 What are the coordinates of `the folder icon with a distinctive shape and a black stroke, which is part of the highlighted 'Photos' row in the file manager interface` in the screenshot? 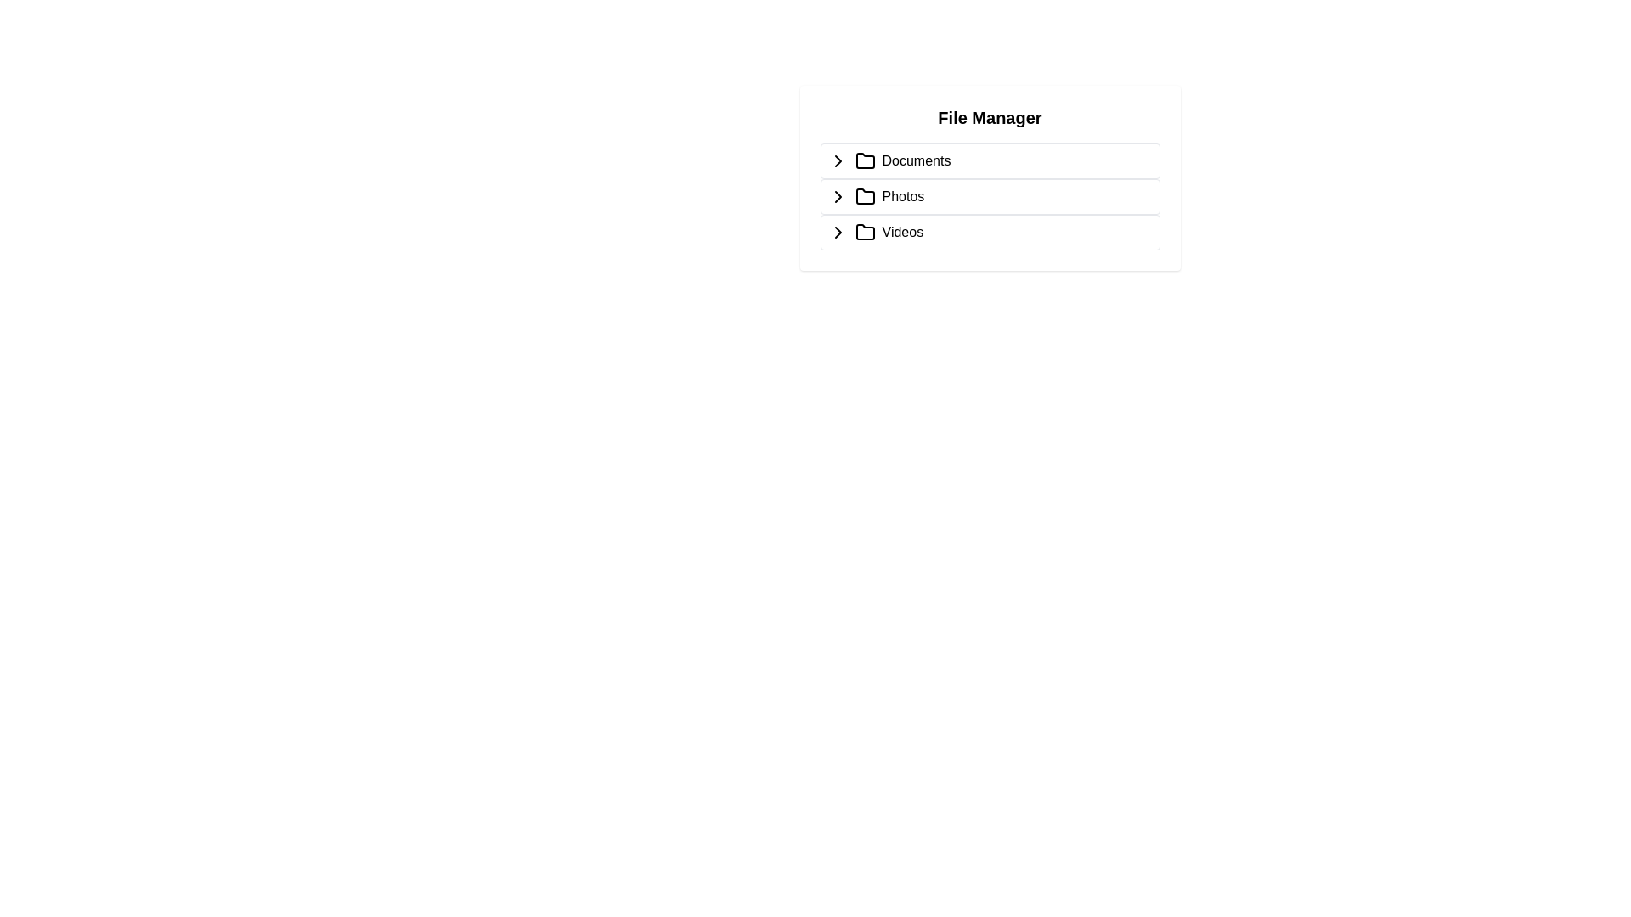 It's located at (865, 195).